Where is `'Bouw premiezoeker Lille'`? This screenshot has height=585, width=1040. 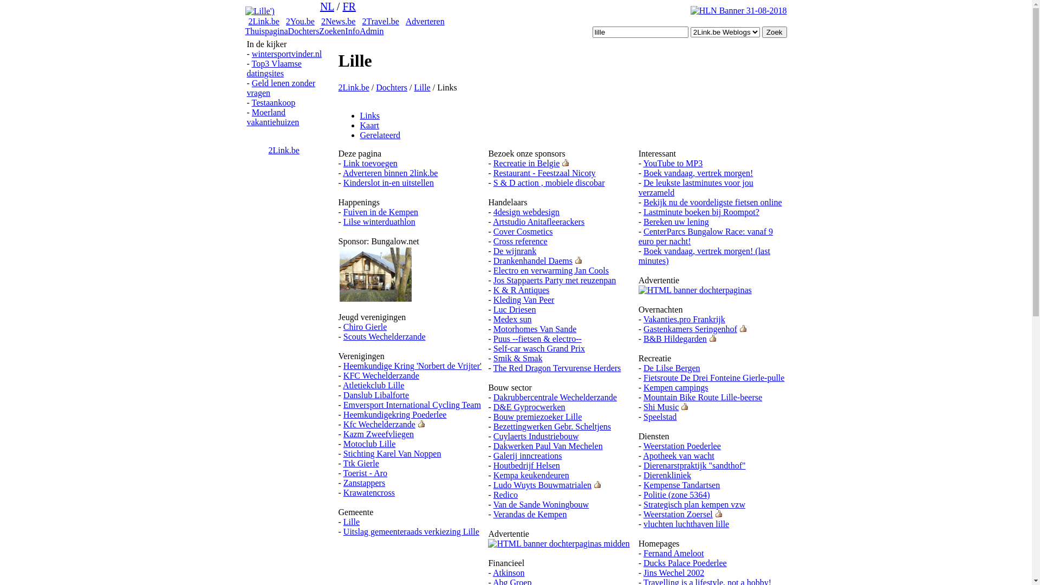 'Bouw premiezoeker Lille' is located at coordinates (538, 416).